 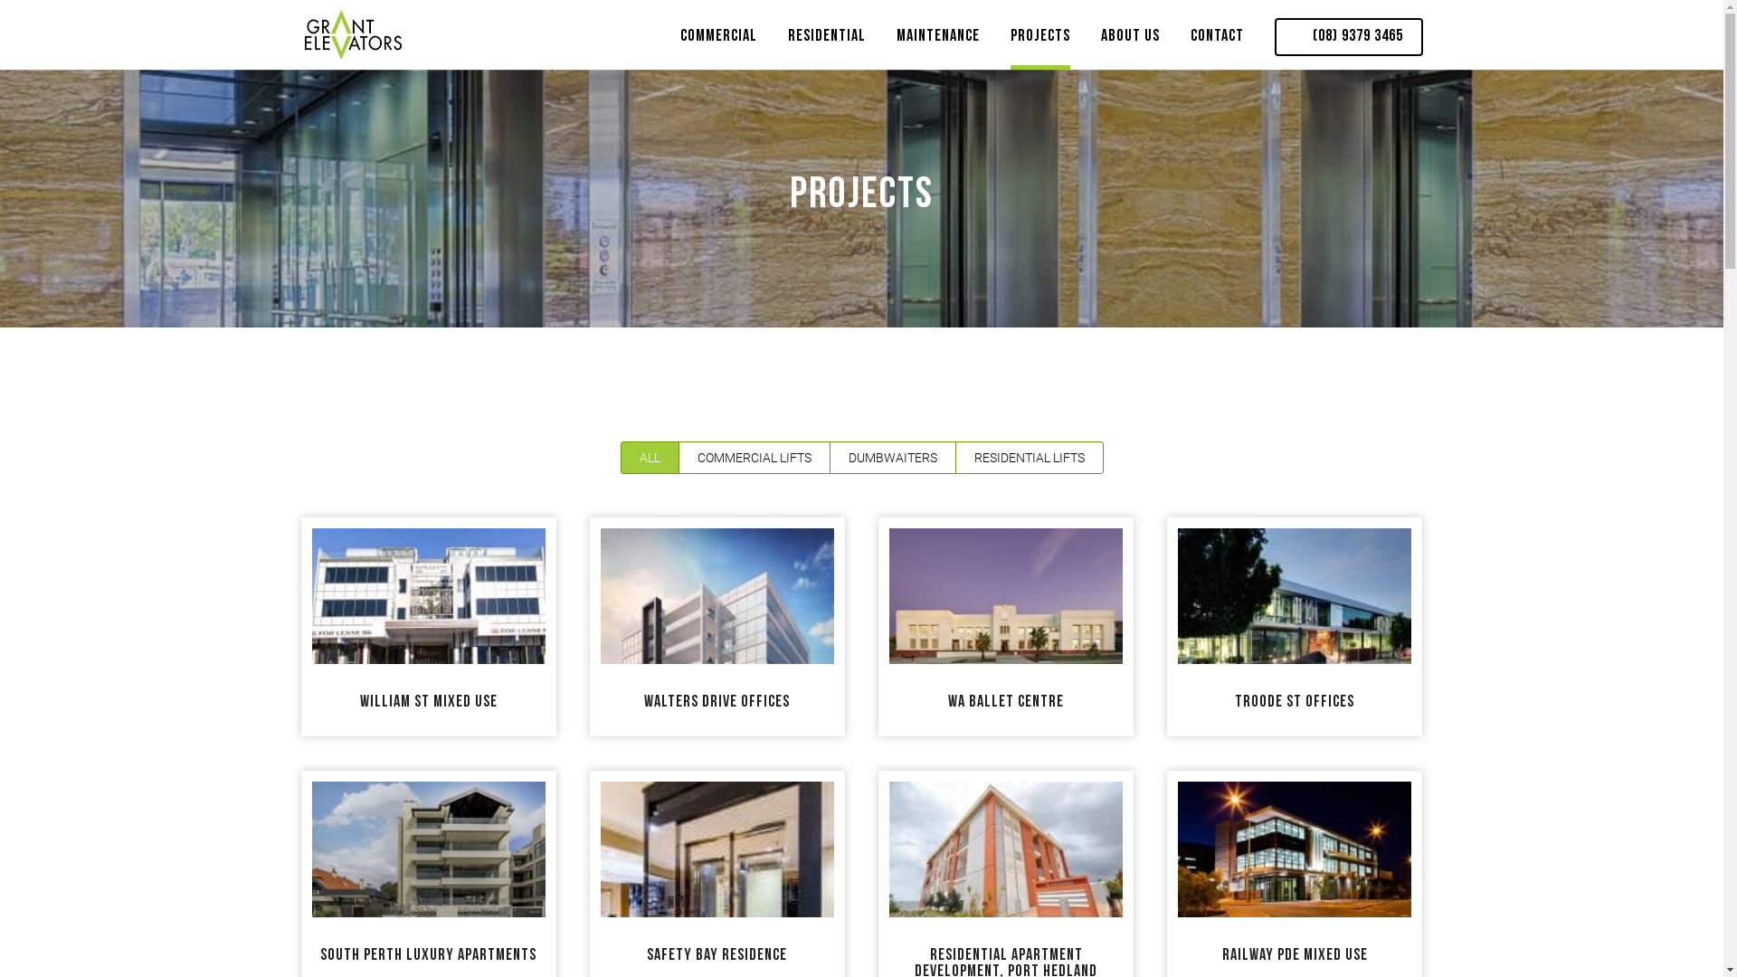 I want to click on 'MAINTENANCE', so click(x=937, y=41).